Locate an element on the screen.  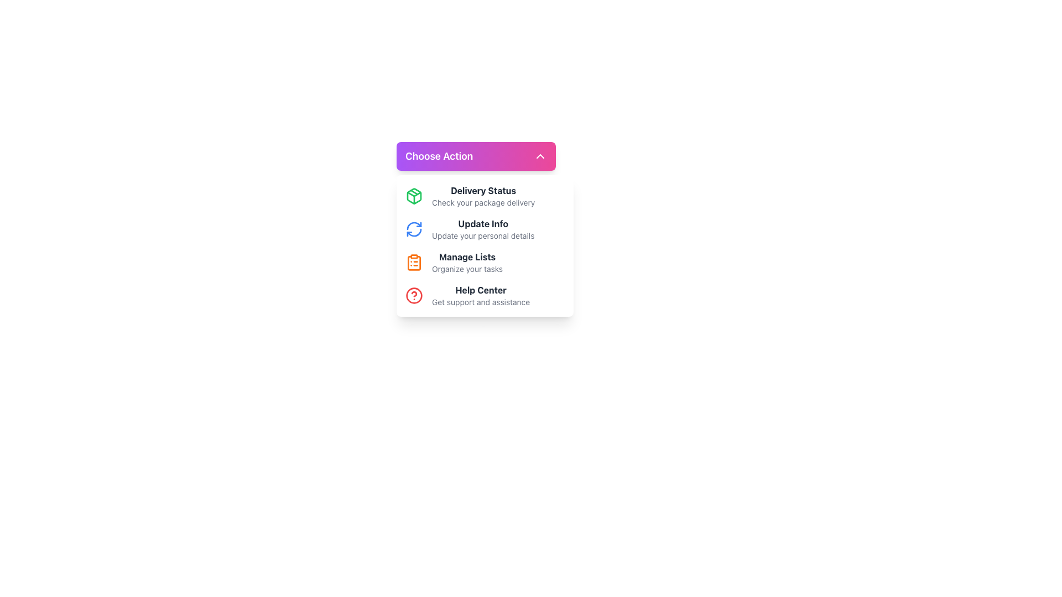
text label that serves as the title for the third item in the dropdown menu below 'Choose Action', indicating the function of that menu item is located at coordinates (467, 257).